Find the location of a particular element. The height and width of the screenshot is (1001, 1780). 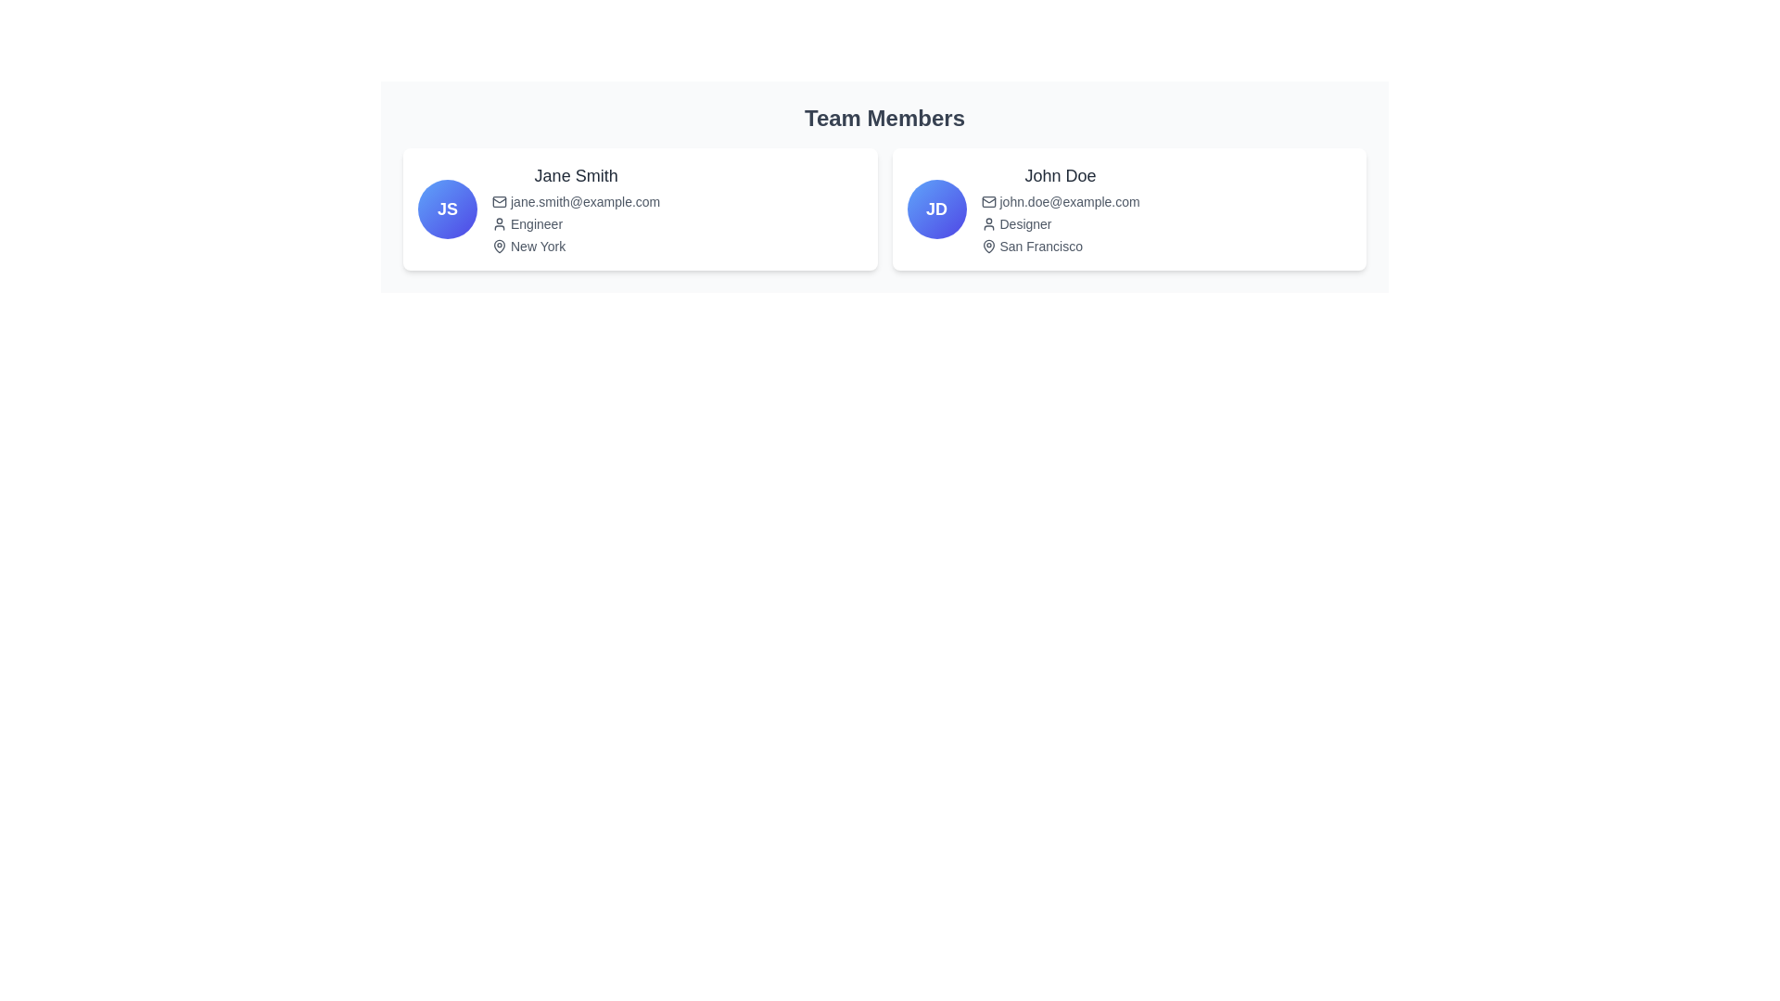

the context of the avatar or badge representing 'Jane Smith', located at the top-left corner of the profile information card is located at coordinates (448, 209).